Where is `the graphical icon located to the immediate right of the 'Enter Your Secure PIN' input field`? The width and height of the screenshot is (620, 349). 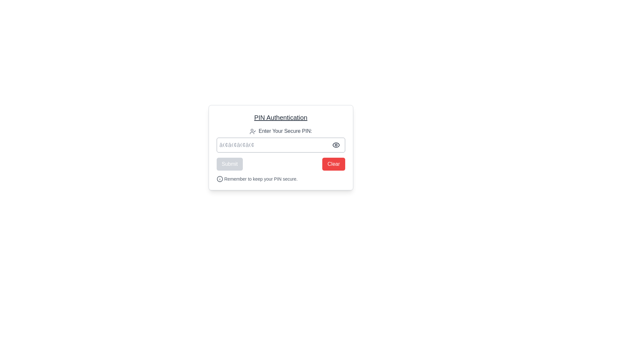 the graphical icon located to the immediate right of the 'Enter Your Secure PIN' input field is located at coordinates (336, 144).